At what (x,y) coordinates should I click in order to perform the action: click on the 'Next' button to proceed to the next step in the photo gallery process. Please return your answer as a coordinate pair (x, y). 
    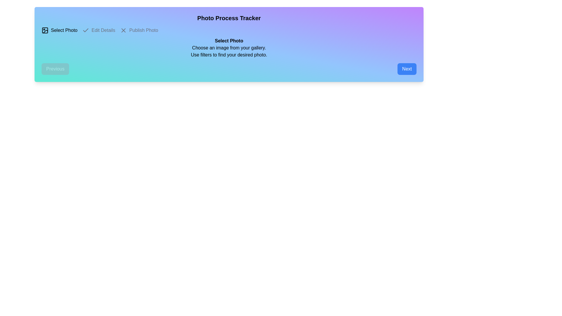
    Looking at the image, I should click on (407, 68).